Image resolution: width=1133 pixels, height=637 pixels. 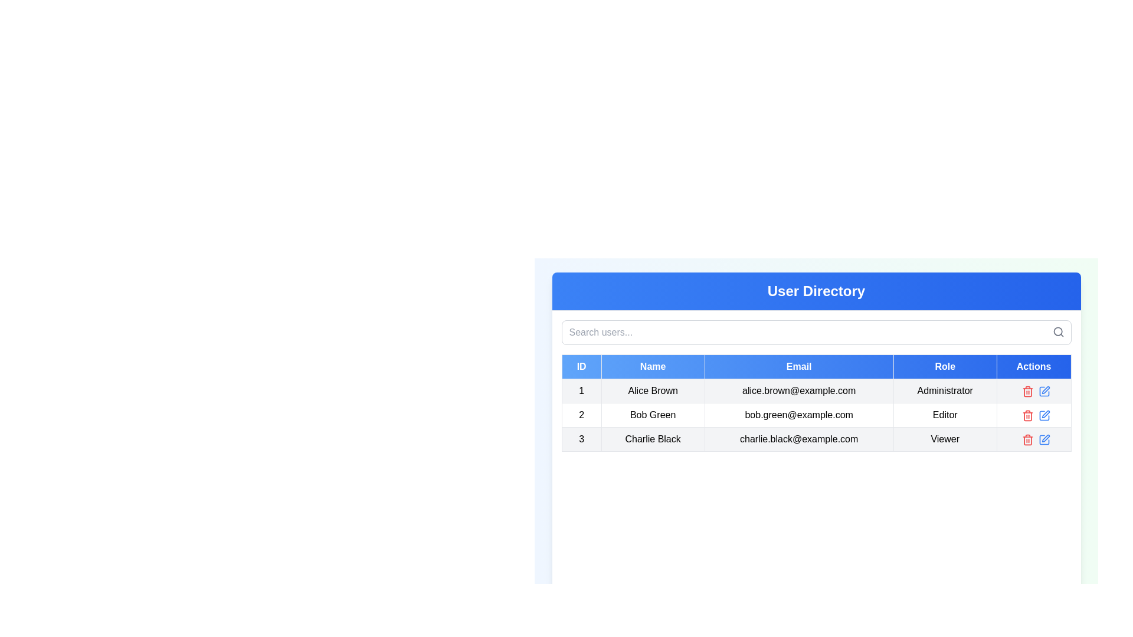 I want to click on on the 'Email' column header cell in the data table, so click(x=798, y=366).